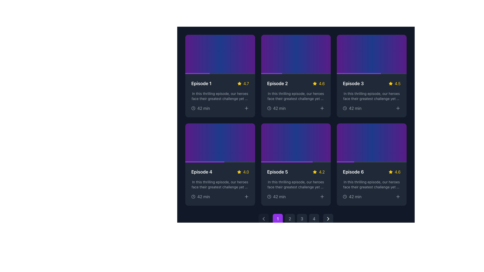 The image size is (484, 272). What do you see at coordinates (314, 218) in the screenshot?
I see `the rounded square button displaying the numeral '4'` at bounding box center [314, 218].